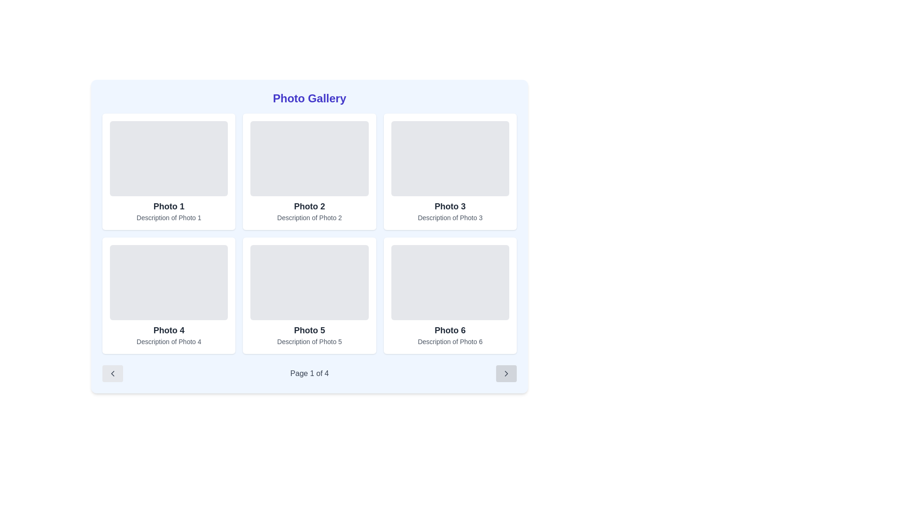  What do you see at coordinates (505, 373) in the screenshot?
I see `the navigation button located at the far right of the footer navigation bar below the photo grid to change its background color` at bounding box center [505, 373].